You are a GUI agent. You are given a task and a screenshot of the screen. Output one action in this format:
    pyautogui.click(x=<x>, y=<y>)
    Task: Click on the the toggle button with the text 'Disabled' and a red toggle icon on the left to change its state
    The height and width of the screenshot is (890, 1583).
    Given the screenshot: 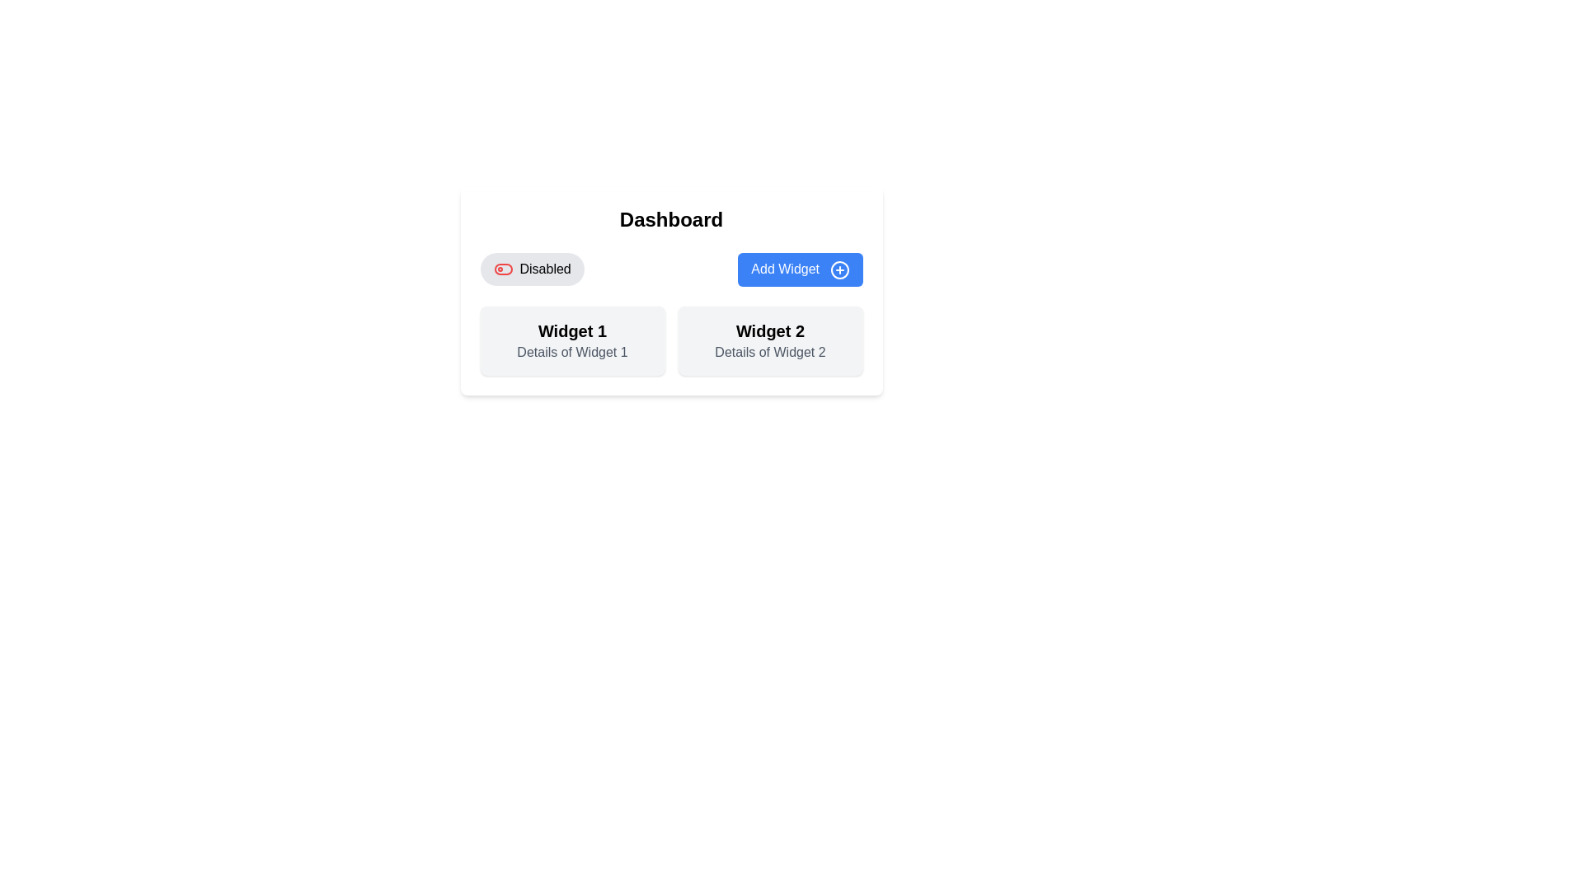 What is the action you would take?
    pyautogui.click(x=532, y=269)
    